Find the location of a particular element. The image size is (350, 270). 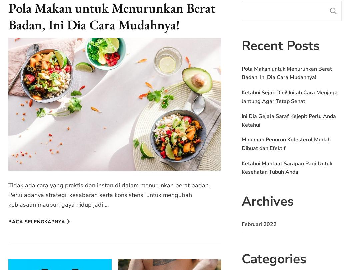

'Ketahui Manfaat Sarapan Pagi Untuk Kesehatan Tubuh Anda' is located at coordinates (287, 167).